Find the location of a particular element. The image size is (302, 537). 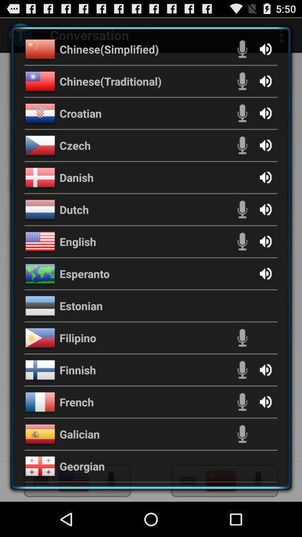

the icon above esperanto icon is located at coordinates (77, 241).